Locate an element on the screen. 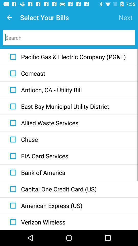 This screenshot has height=246, width=138. icon to the right of select your bills item is located at coordinates (125, 17).